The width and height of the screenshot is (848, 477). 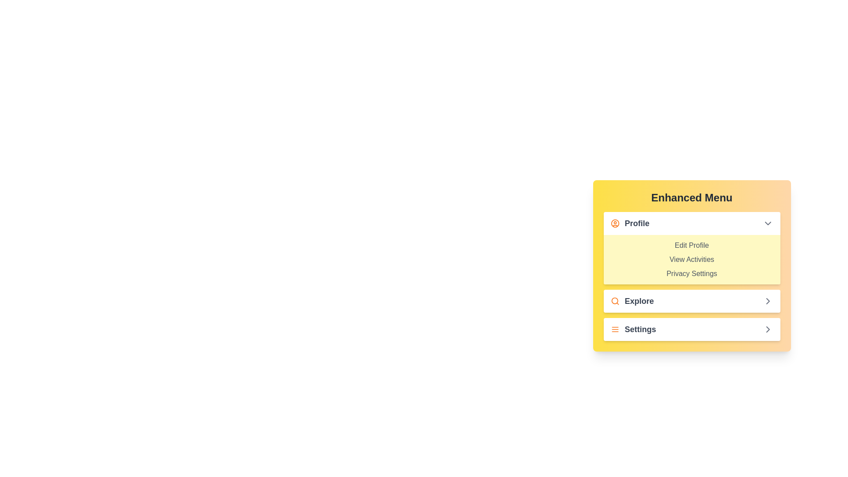 I want to click on the settings-related text label located at the bottom right corner of the 'Explore' section in the 'Enhanced Menu' interface, so click(x=640, y=329).